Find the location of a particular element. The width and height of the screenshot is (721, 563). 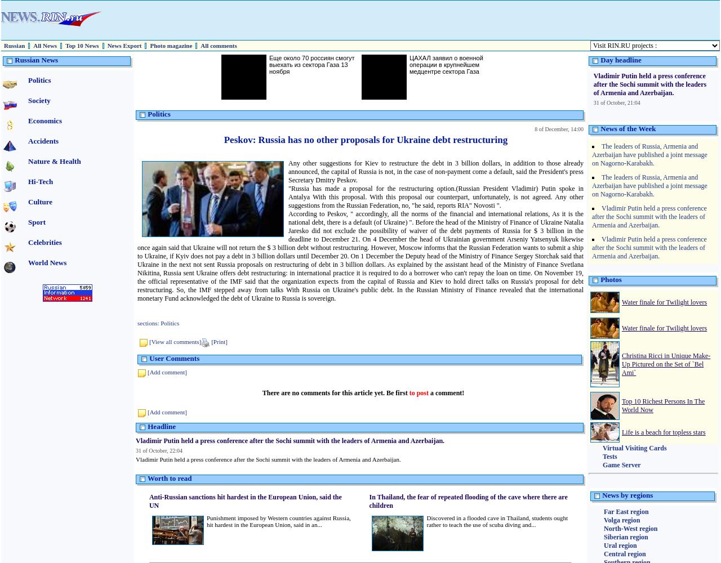

'Siberian region' is located at coordinates (625, 537).